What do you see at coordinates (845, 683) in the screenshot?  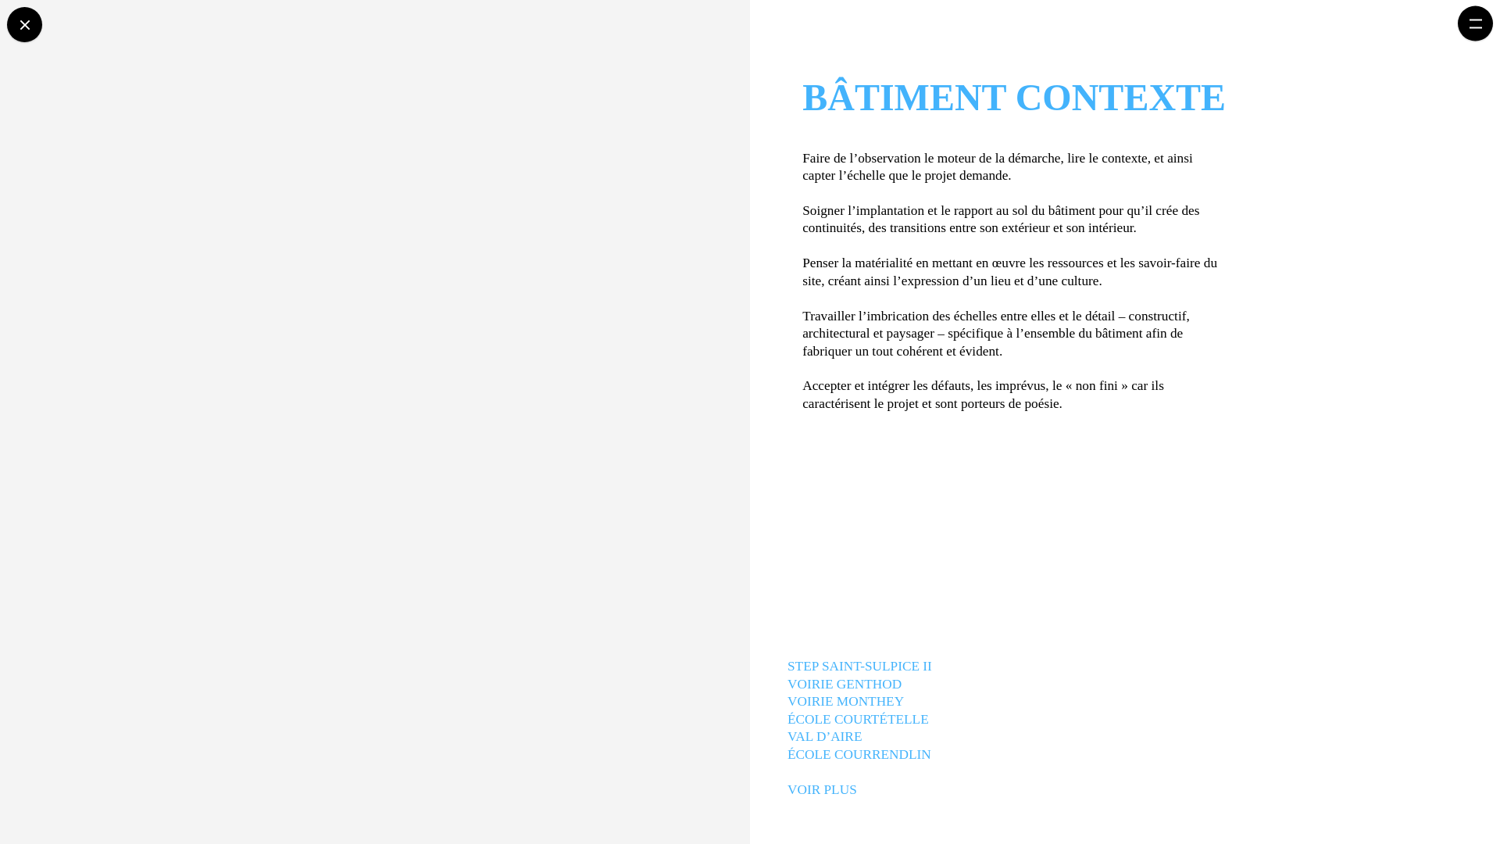 I see `'VOIRIE GENTHOD'` at bounding box center [845, 683].